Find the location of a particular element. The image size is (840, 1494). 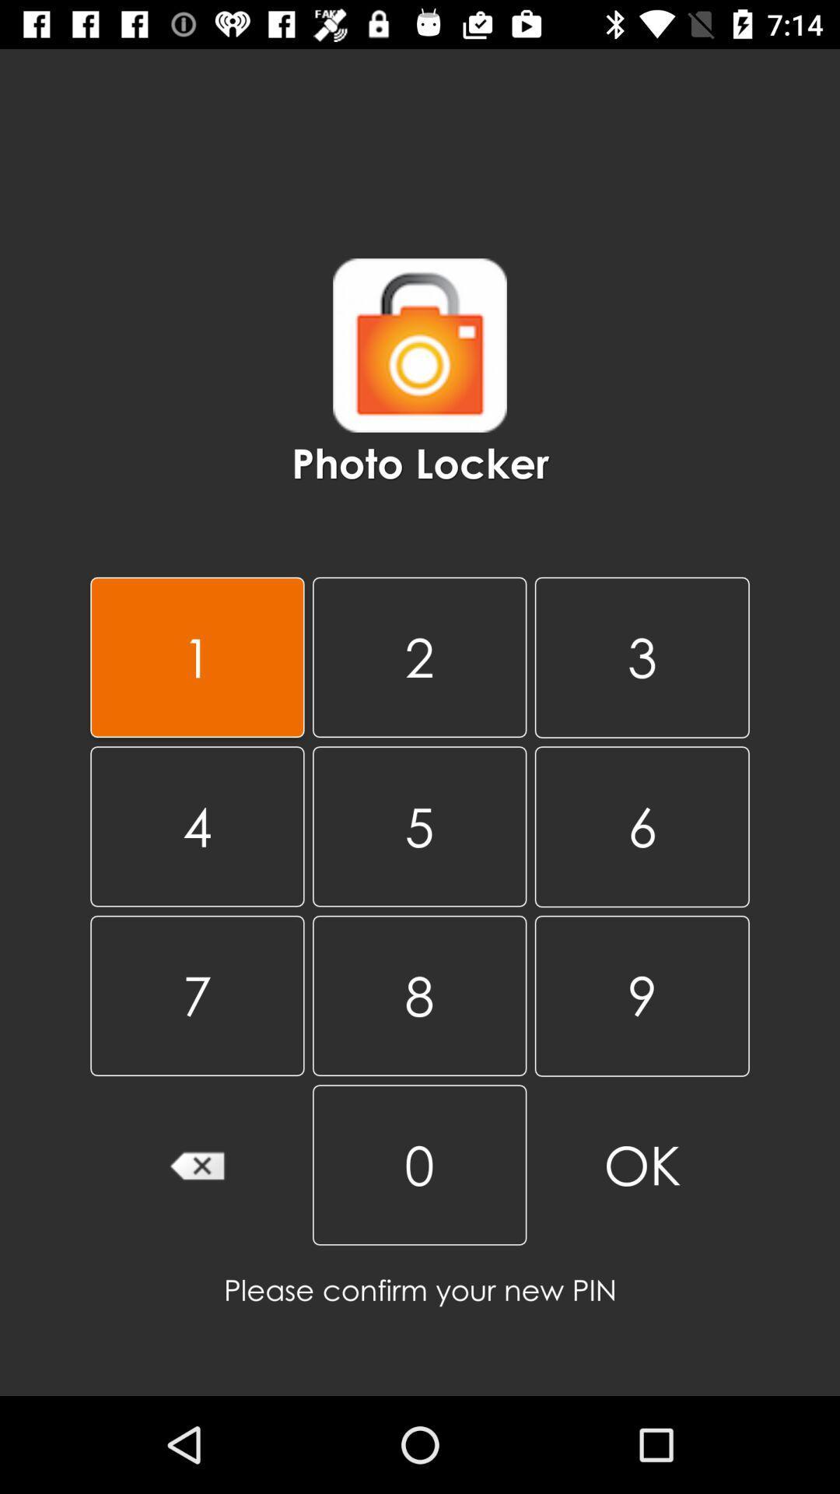

6 is located at coordinates (642, 826).